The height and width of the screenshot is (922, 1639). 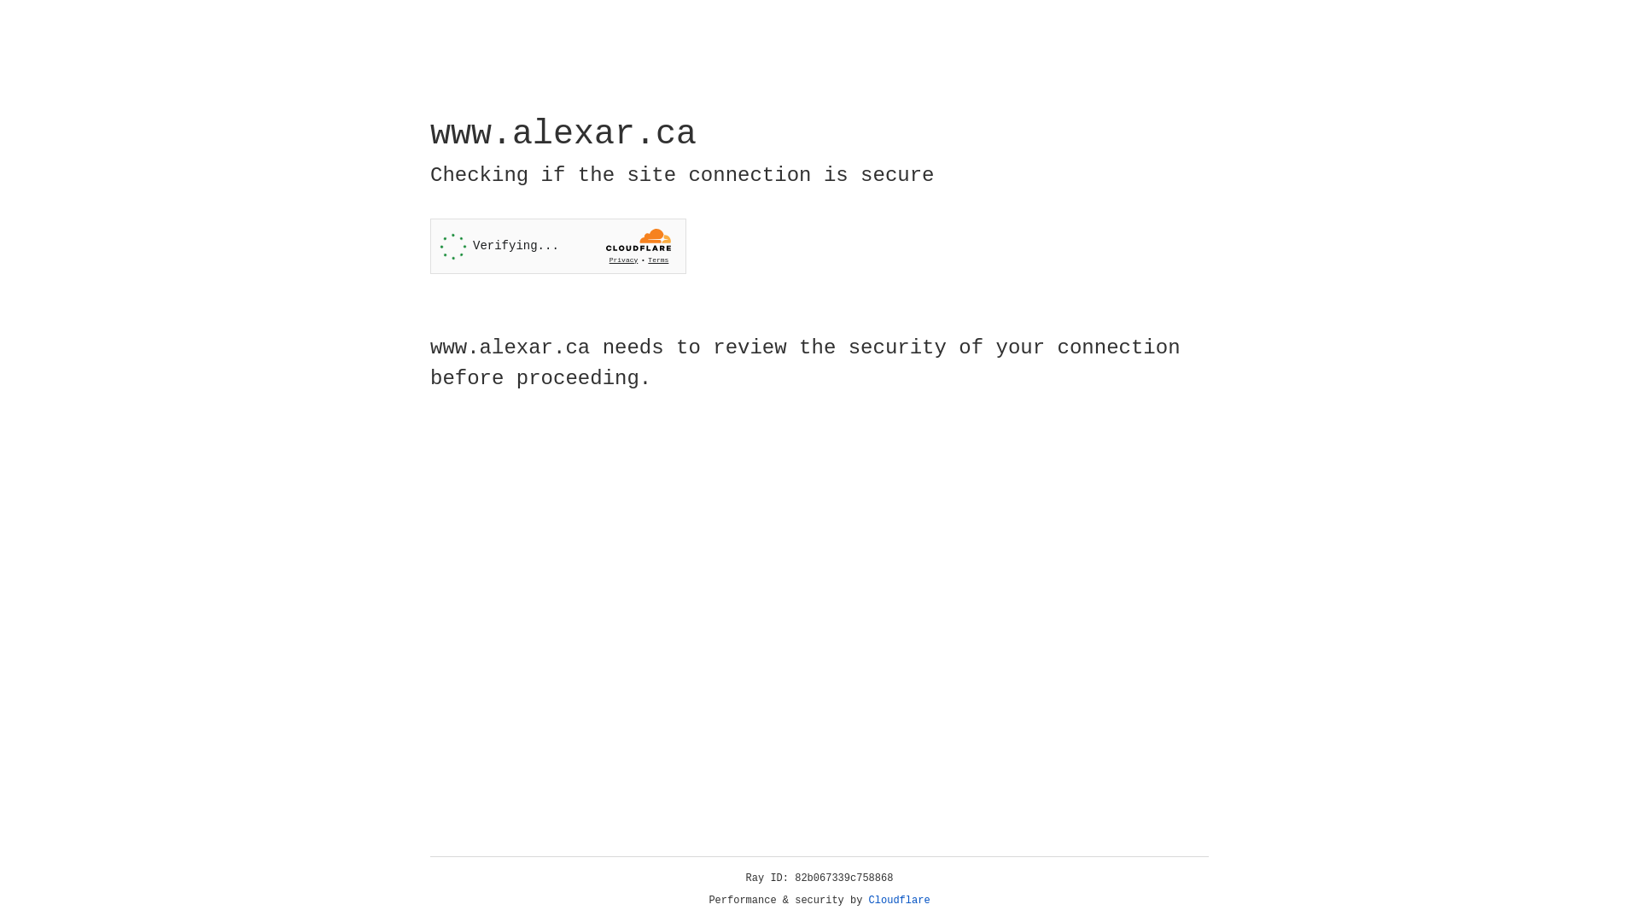 I want to click on 'Cloudflare', so click(x=868, y=900).